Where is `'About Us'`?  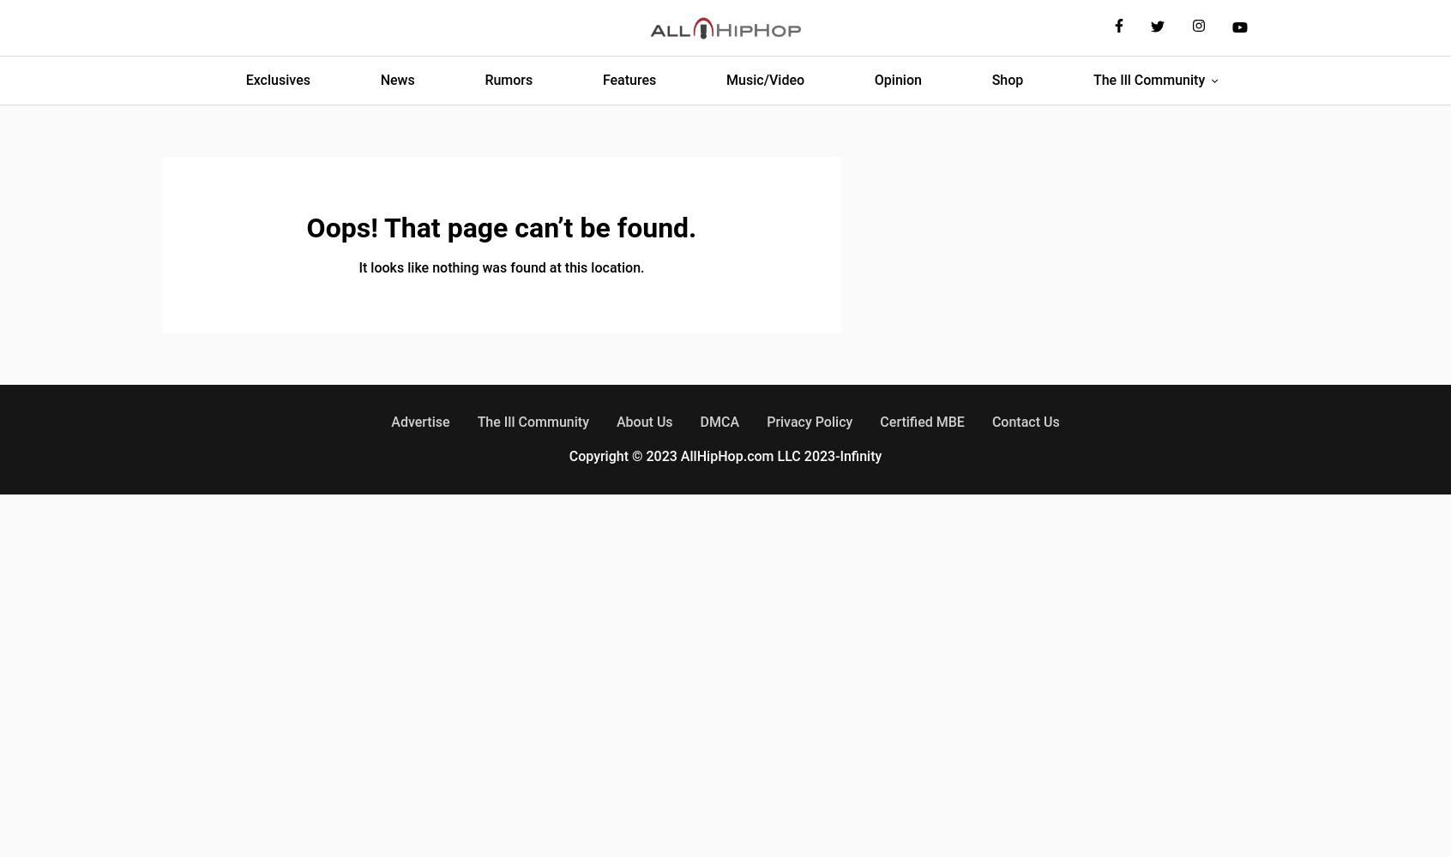
'About Us' is located at coordinates (643, 421).